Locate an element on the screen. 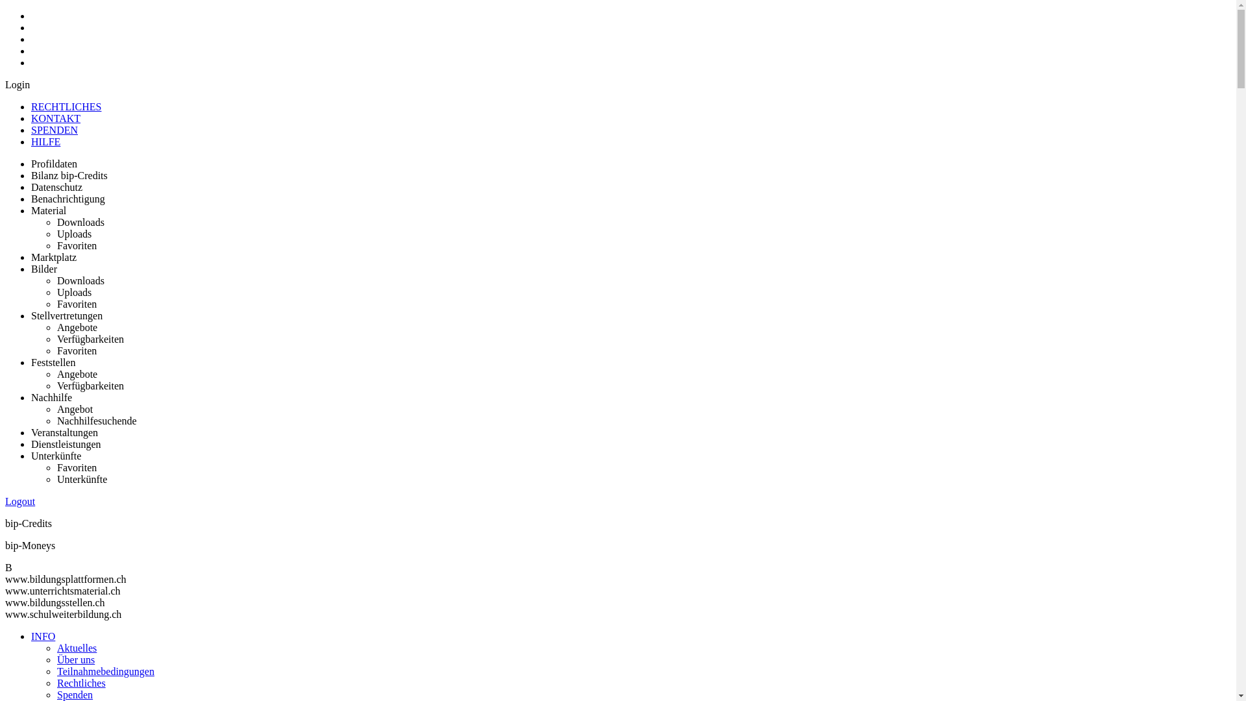 The width and height of the screenshot is (1246, 701). 'INFO' is located at coordinates (43, 635).